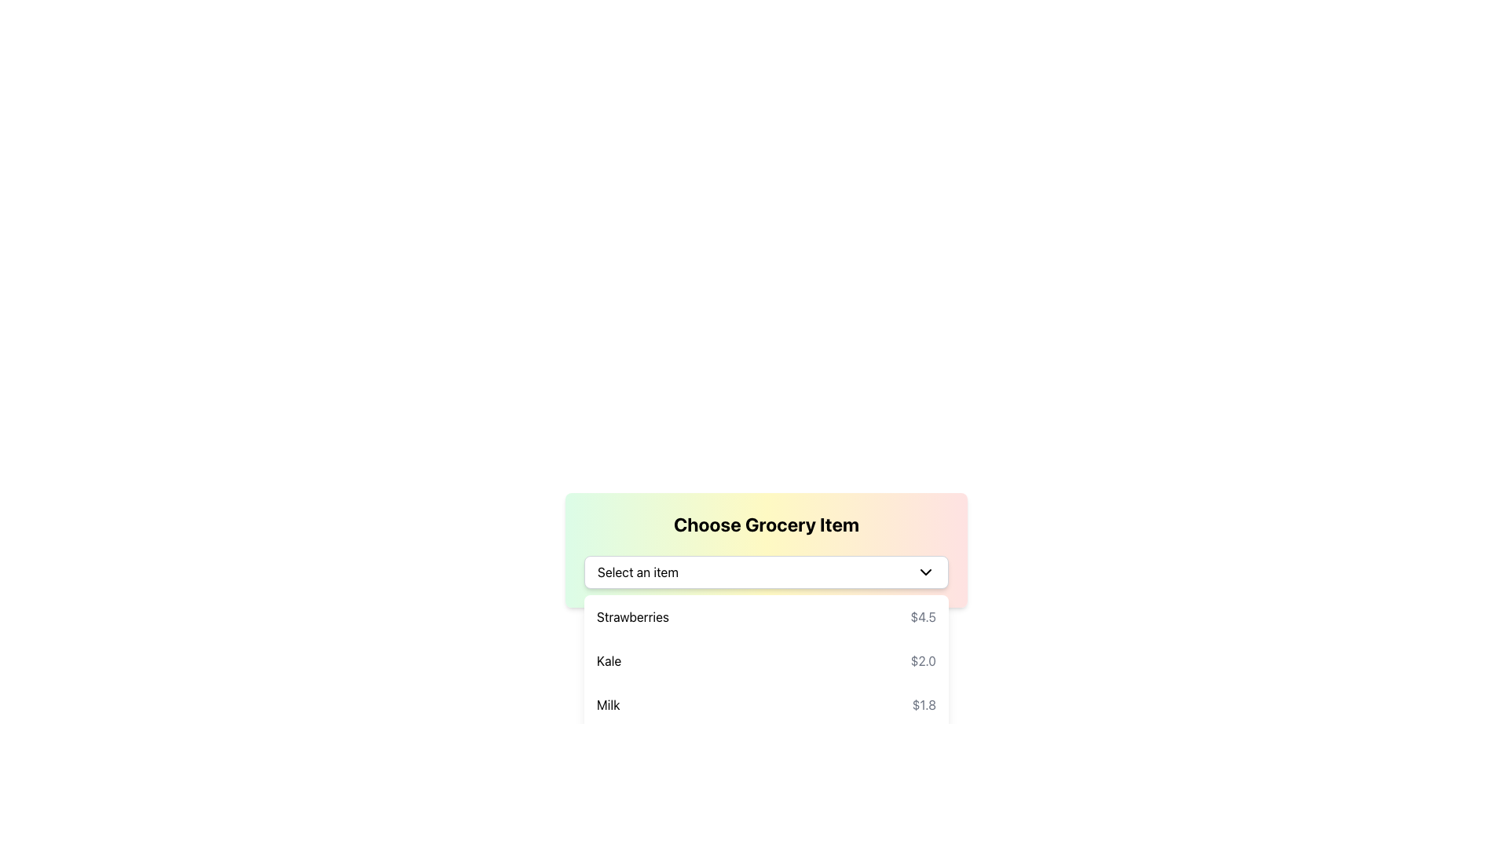  Describe the element at coordinates (766, 704) in the screenshot. I see `the third entry in the dropdown menu labeled 'Milk' priced at '$1.8'` at that location.